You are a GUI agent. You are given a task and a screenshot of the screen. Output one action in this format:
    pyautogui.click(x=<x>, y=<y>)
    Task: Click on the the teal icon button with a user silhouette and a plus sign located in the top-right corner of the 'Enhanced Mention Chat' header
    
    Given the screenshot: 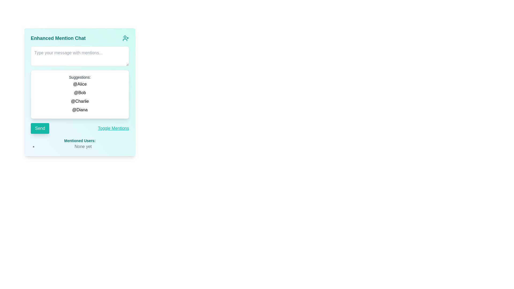 What is the action you would take?
    pyautogui.click(x=126, y=38)
    